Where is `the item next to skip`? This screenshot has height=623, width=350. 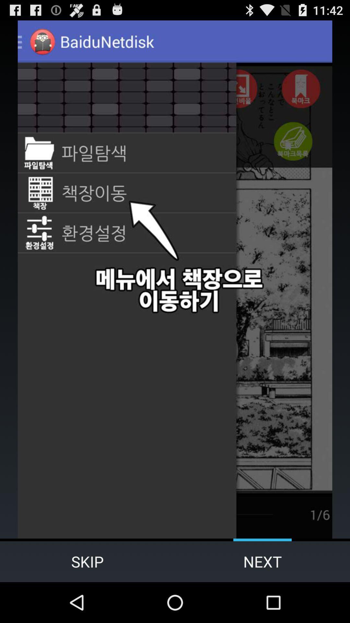
the item next to skip is located at coordinates (262, 561).